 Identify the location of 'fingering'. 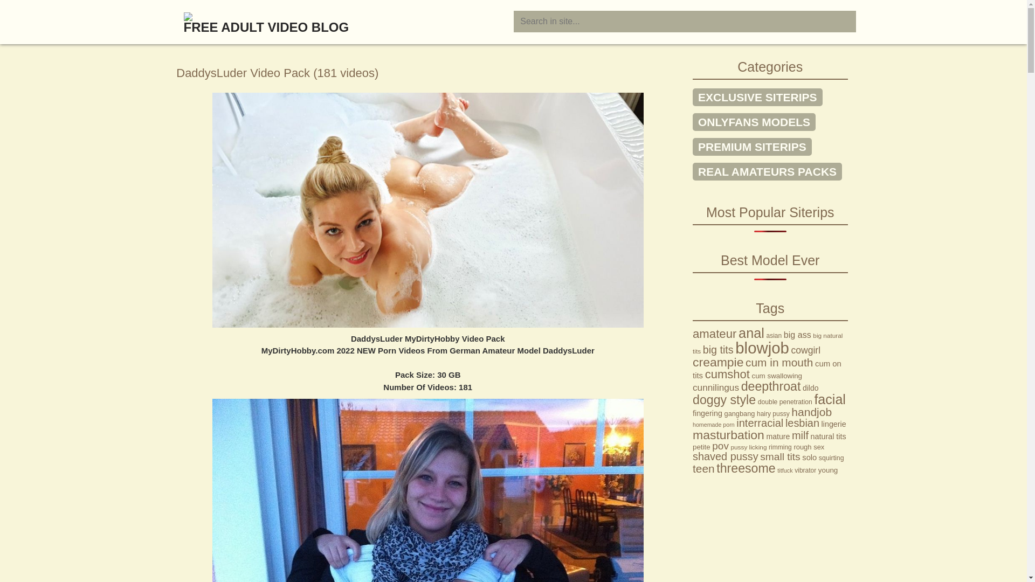
(707, 413).